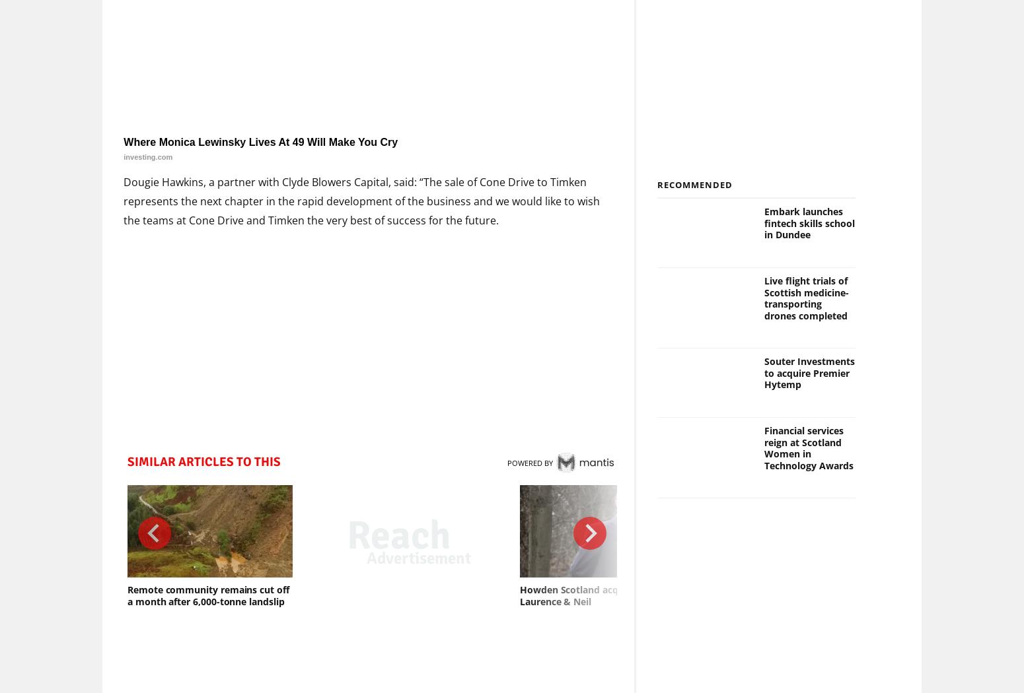 Image resolution: width=1024 pixels, height=693 pixels. Describe the element at coordinates (694, 183) in the screenshot. I see `'Recommended'` at that location.